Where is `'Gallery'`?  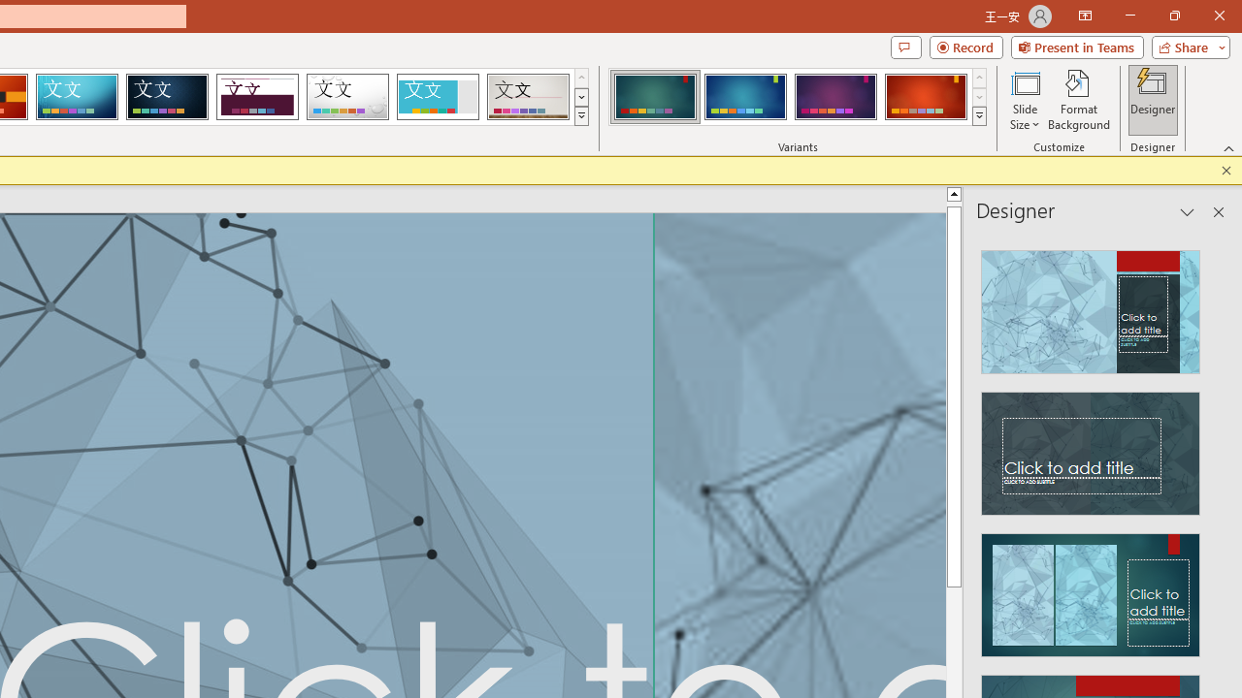
'Gallery' is located at coordinates (528, 97).